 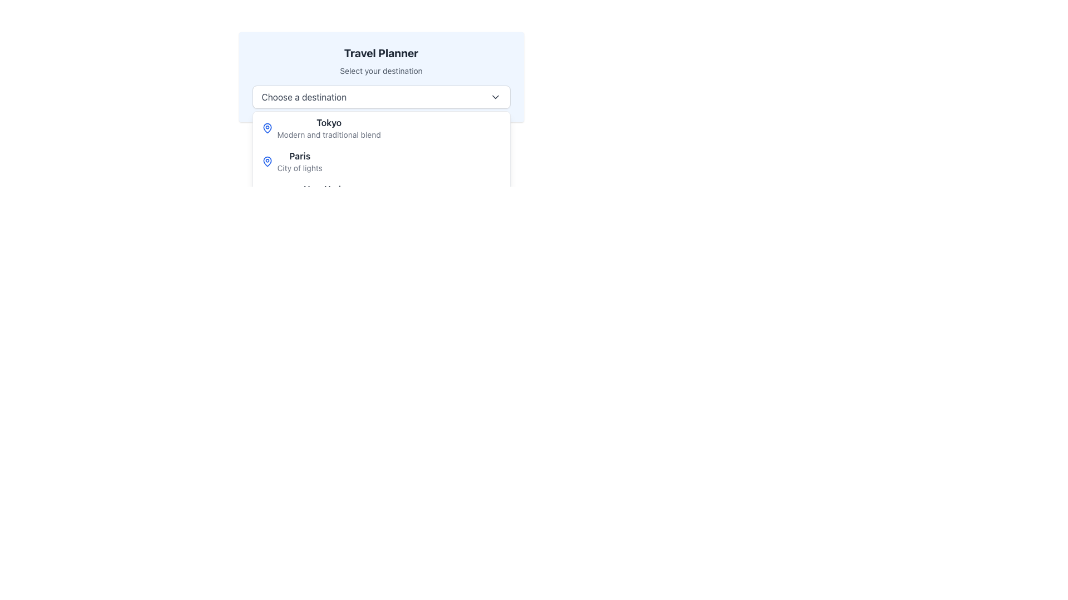 I want to click on the location marker icon associated with 'Paris' in the dropdown menu of the 'Travel Planner' interface, so click(x=267, y=161).